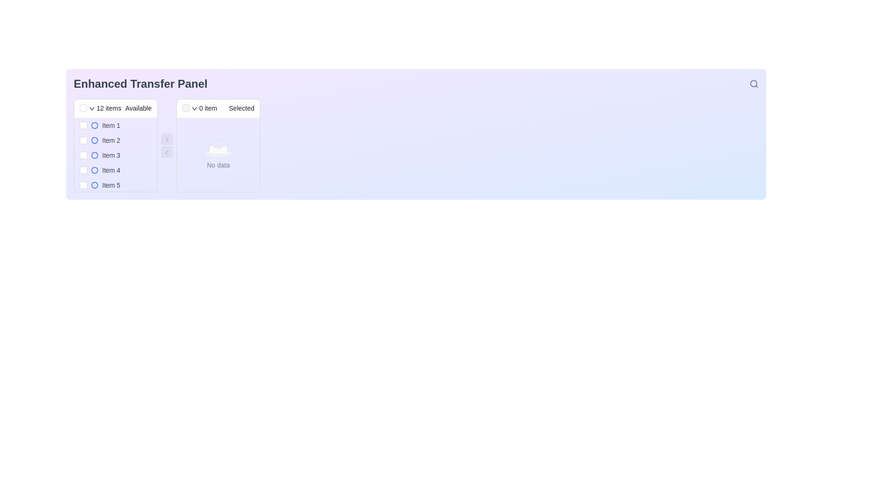 Image resolution: width=896 pixels, height=504 pixels. What do you see at coordinates (94, 125) in the screenshot?
I see `the visual styling of the icon located to the left of the text label 'Item 1' in the first item of a vertically aligned list under the label '12 items Available'` at bounding box center [94, 125].